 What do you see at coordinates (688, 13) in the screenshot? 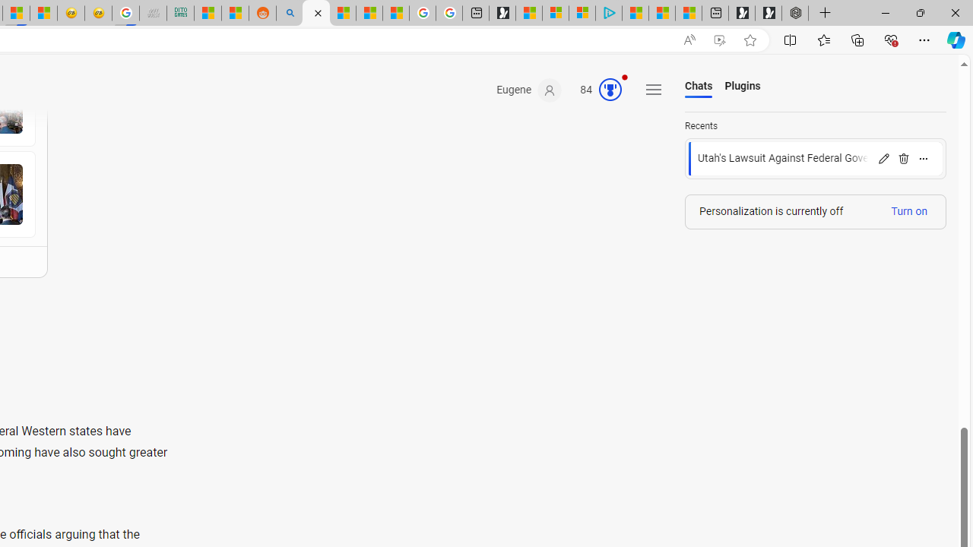
I see `'These 3 Stocks Pay You More Than 5% to Own Them'` at bounding box center [688, 13].